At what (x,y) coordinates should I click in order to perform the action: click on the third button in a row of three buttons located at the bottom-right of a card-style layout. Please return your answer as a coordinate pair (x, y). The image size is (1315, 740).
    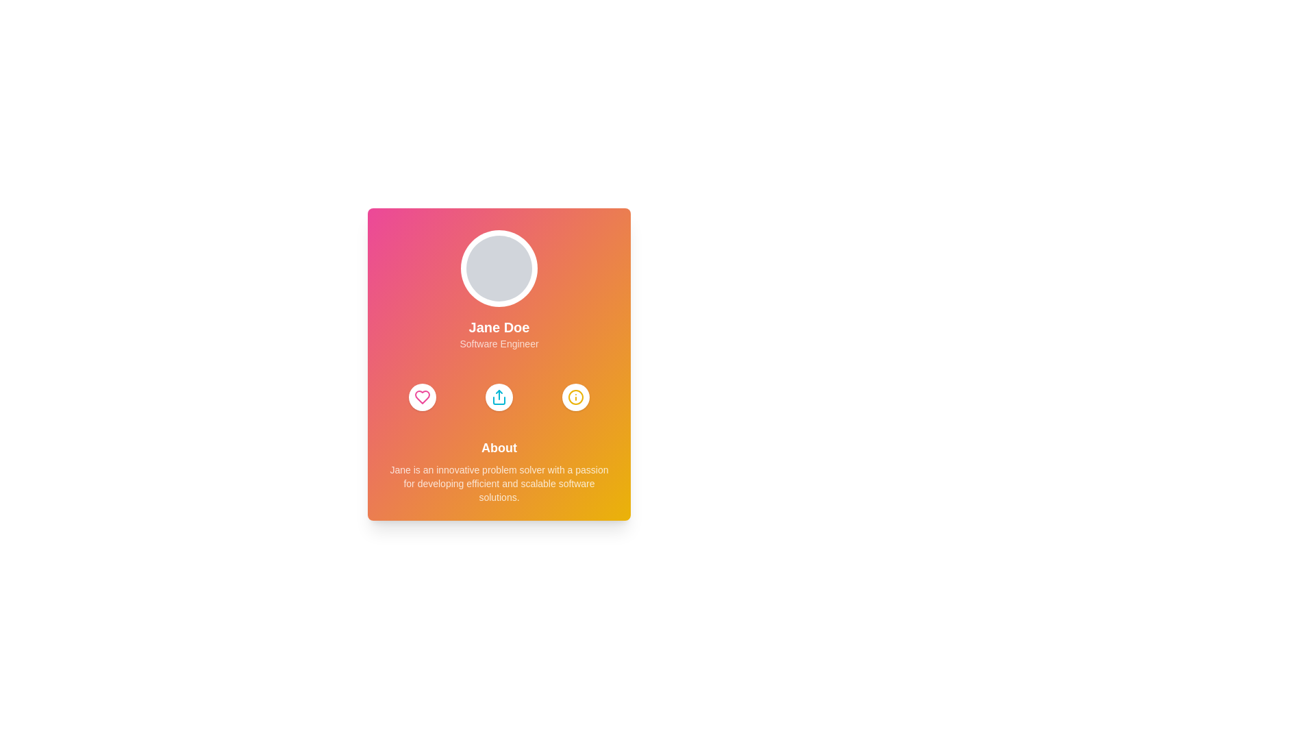
    Looking at the image, I should click on (575, 397).